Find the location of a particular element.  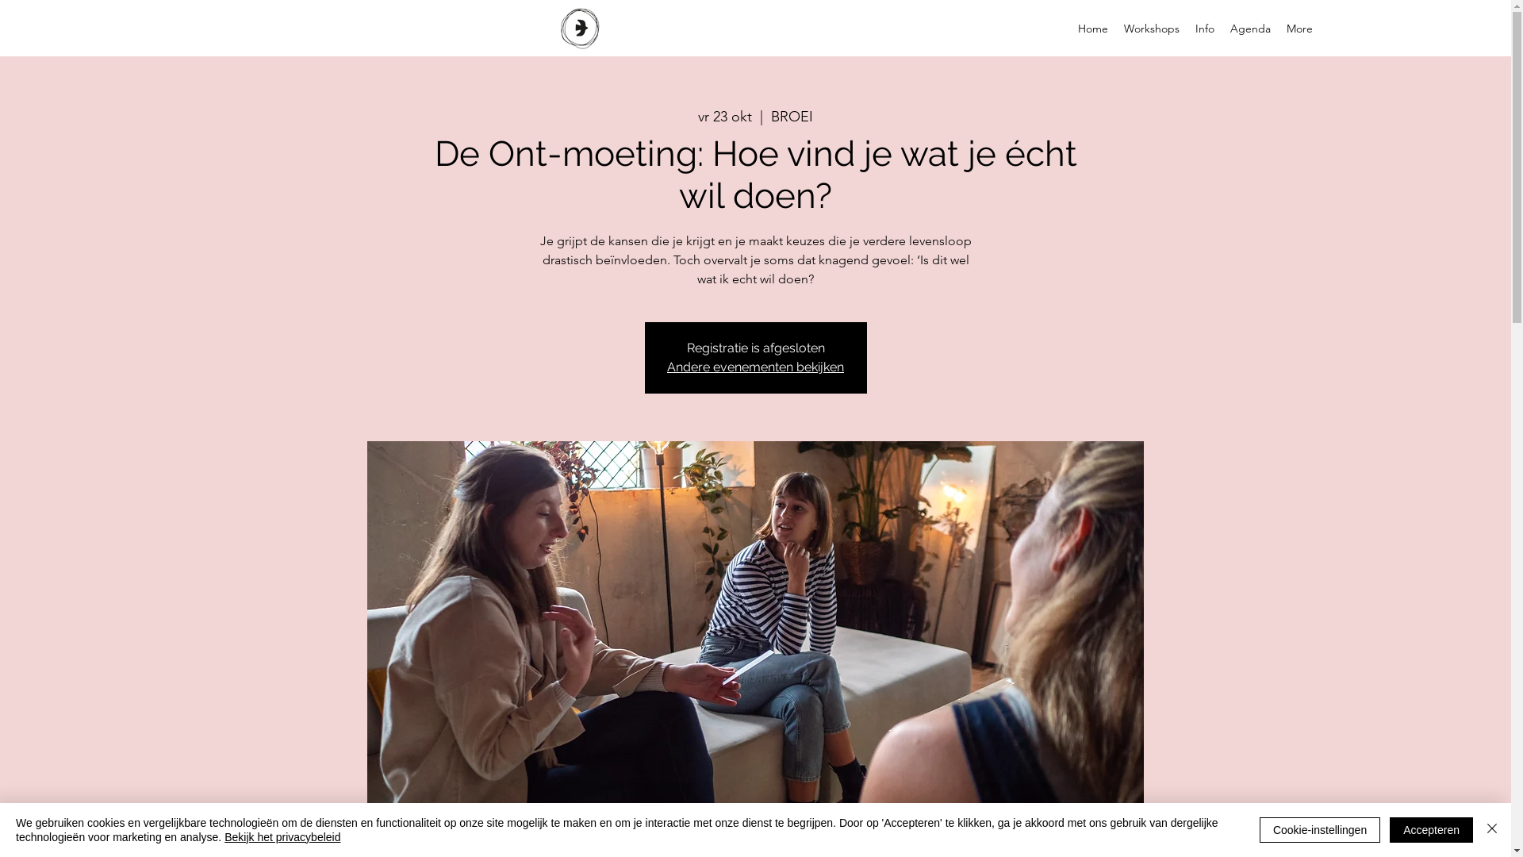

'Home' is located at coordinates (1069, 28).